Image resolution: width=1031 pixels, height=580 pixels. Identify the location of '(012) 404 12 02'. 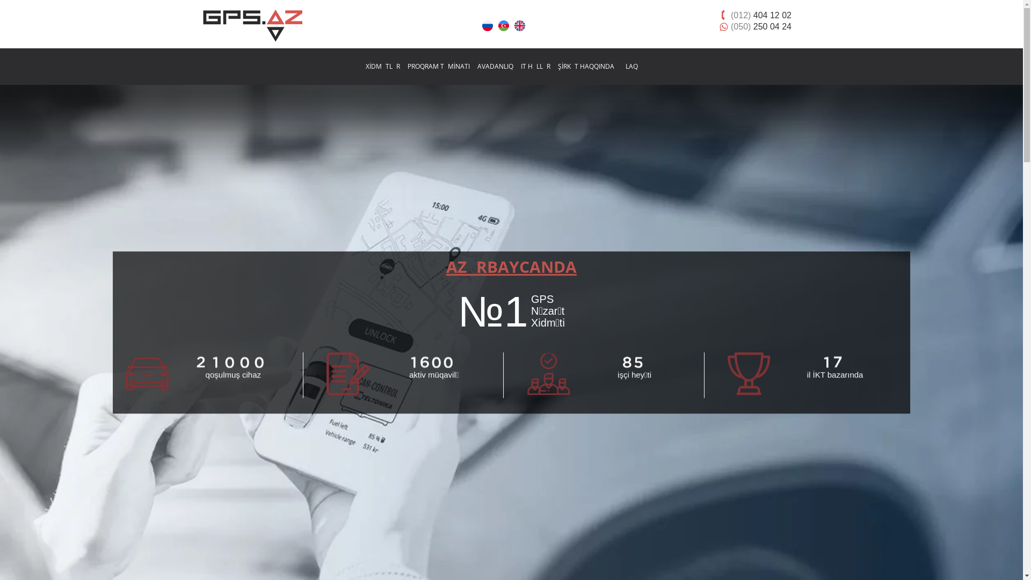
(760, 15).